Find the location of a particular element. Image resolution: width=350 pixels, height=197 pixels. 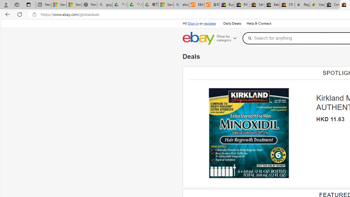

'Tab actions menu' is located at coordinates (28, 4).